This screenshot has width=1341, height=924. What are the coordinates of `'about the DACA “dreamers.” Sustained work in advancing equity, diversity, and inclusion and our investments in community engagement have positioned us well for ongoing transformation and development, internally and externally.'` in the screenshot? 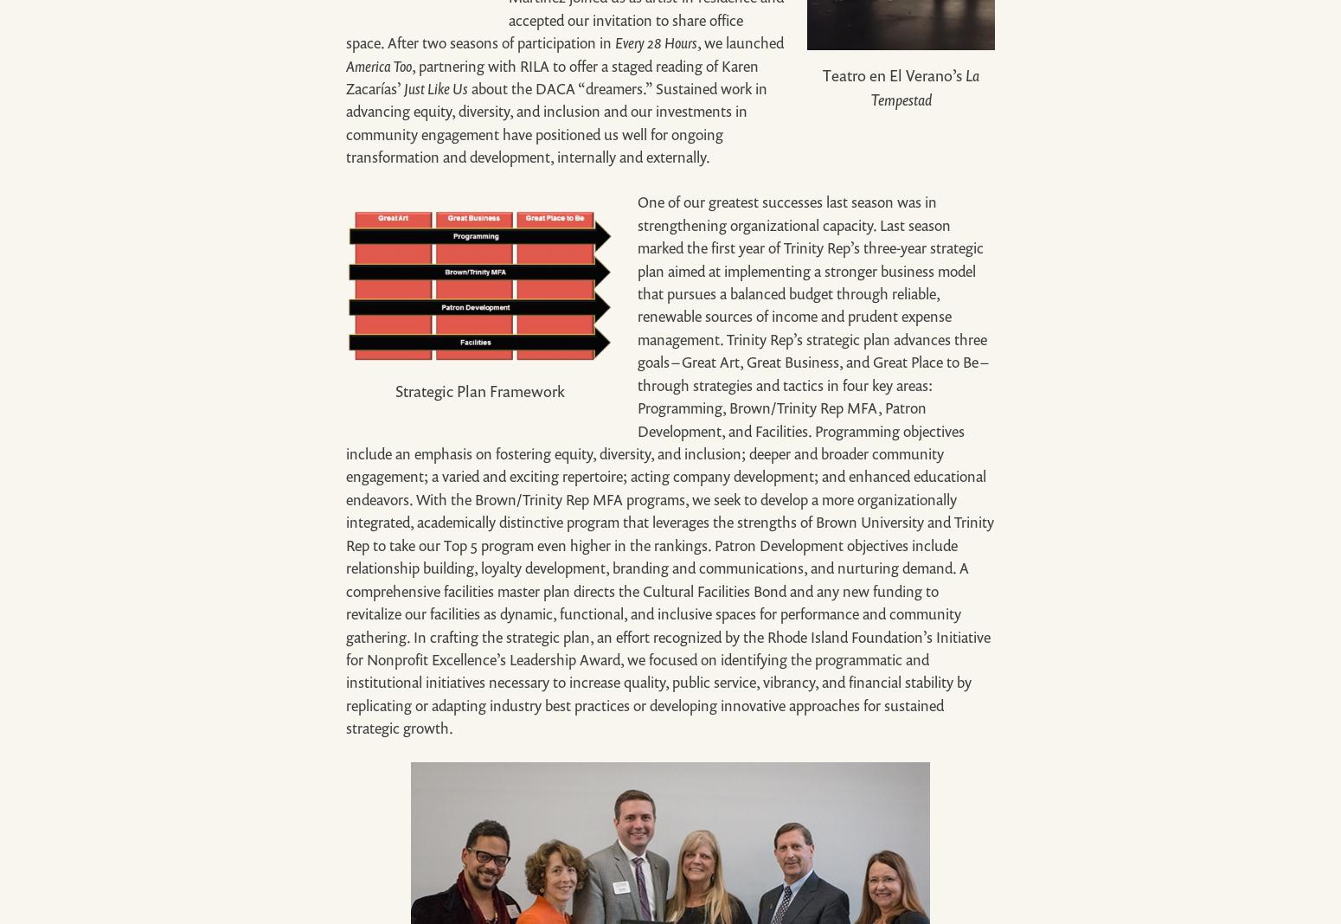 It's located at (555, 122).